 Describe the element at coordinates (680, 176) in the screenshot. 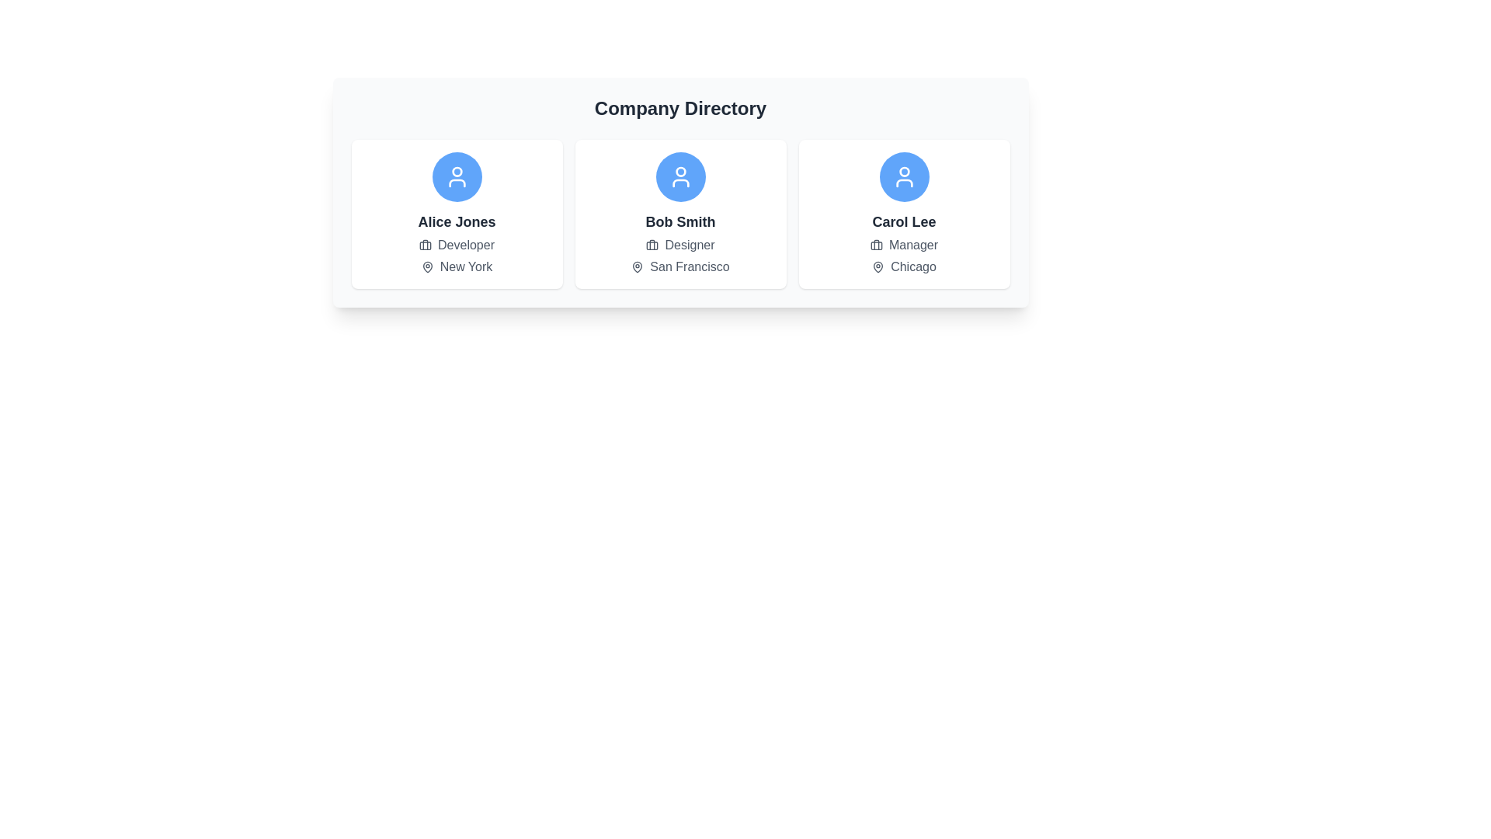

I see `properties of the user profile icon representing Bob Smith, located at the top-center of his profile card` at that location.